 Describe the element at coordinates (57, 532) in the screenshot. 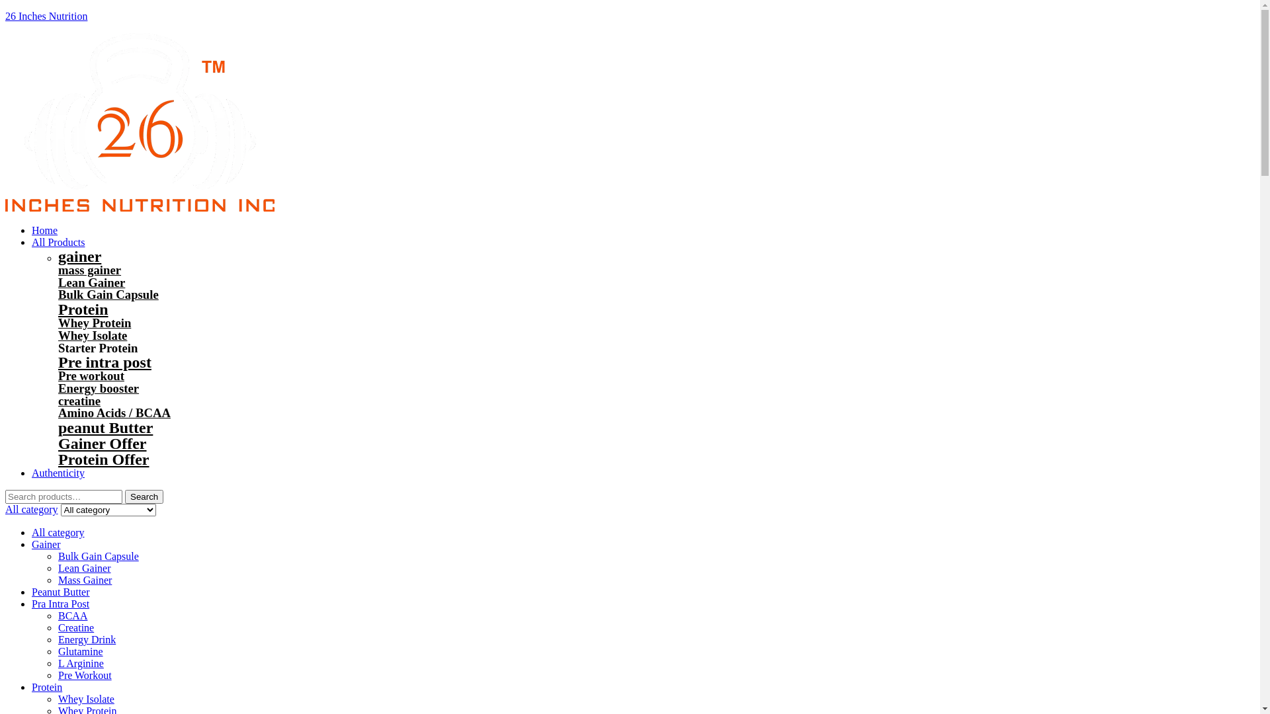

I see `'All category'` at that location.